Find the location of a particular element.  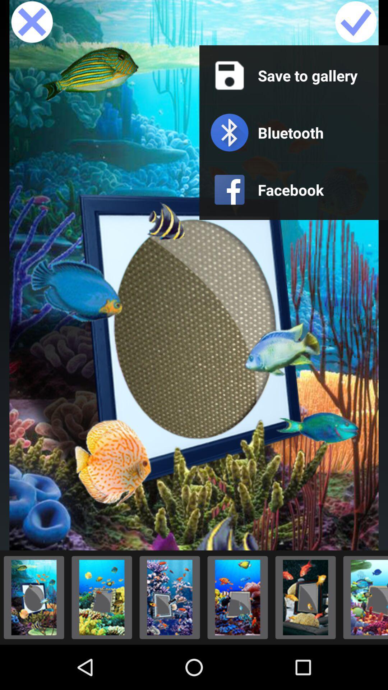

wallpaper is located at coordinates (356, 22).